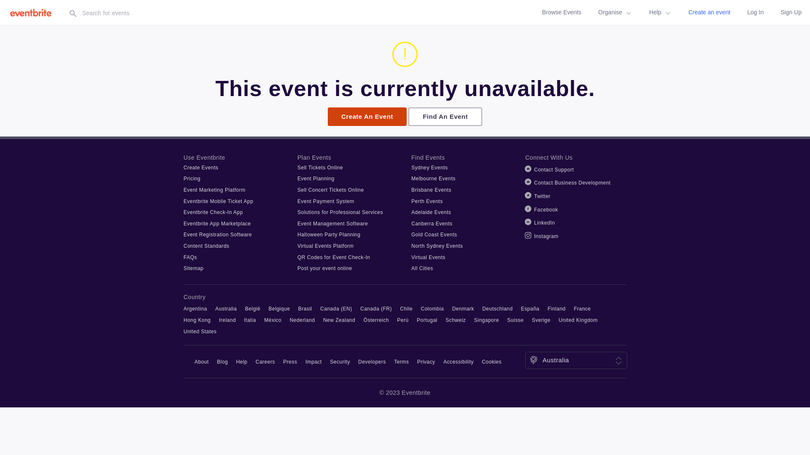 This screenshot has height=455, width=810. Describe the element at coordinates (297, 223) in the screenshot. I see `'Event Management Software'` at that location.